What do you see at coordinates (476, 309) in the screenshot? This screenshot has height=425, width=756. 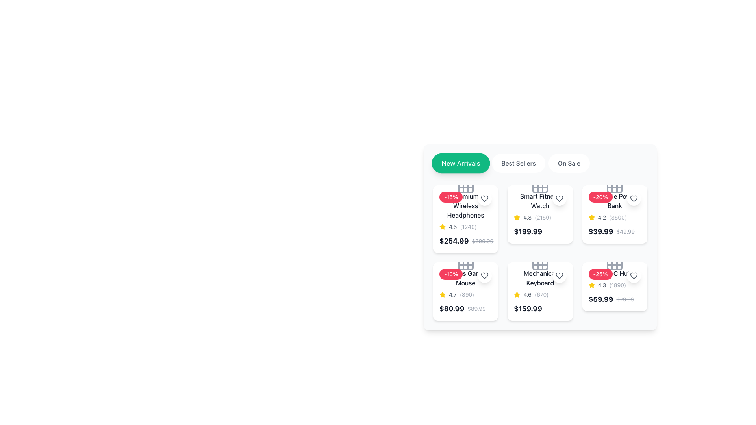 I see `the faded gray text label displaying the original price of an item, which reads '$89.99' and has a strikethrough decoration, located in the lower left section of the interface` at bounding box center [476, 309].